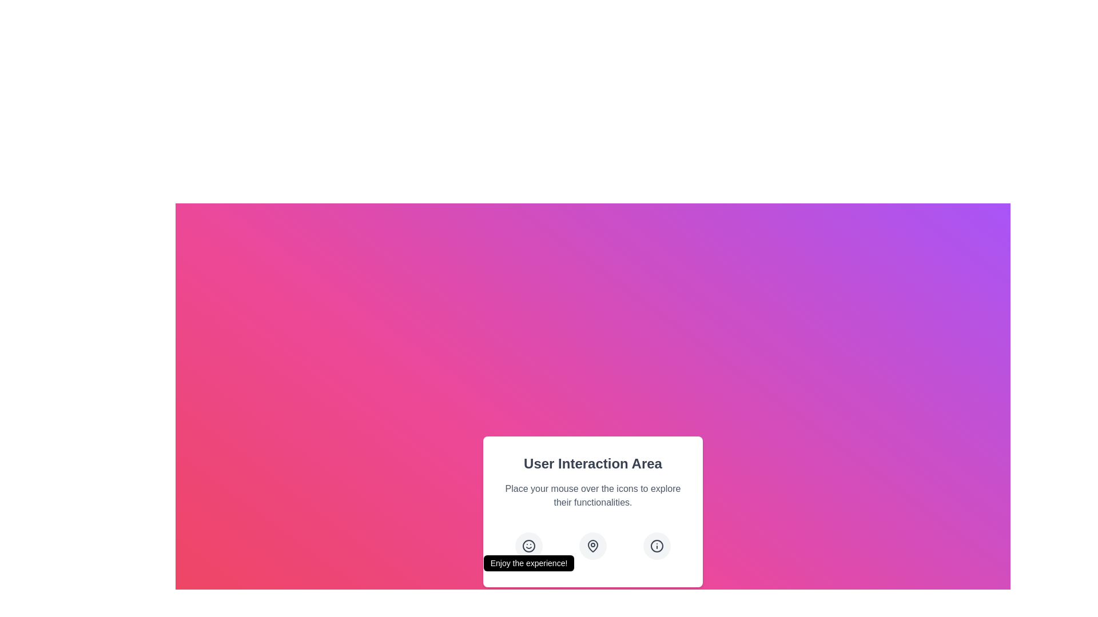 Image resolution: width=1098 pixels, height=617 pixels. What do you see at coordinates (528, 546) in the screenshot?
I see `the circular outline of the smiley face's head, which is centrally located above the mouth and between the two eye elements` at bounding box center [528, 546].